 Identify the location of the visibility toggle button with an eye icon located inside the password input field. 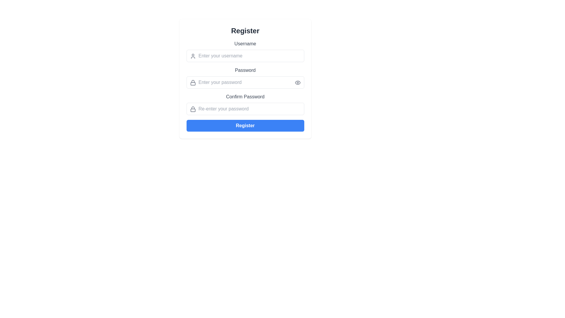
(298, 83).